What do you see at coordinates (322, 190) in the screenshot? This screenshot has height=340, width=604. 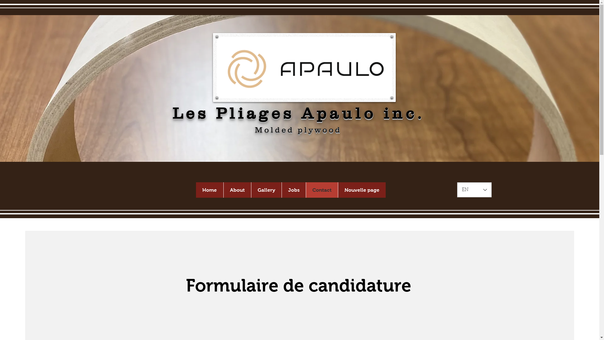 I see `'Contact'` at bounding box center [322, 190].